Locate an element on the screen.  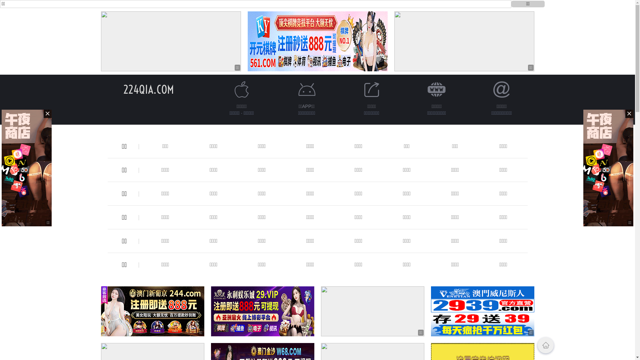
'224QIA.COM' is located at coordinates (148, 89).